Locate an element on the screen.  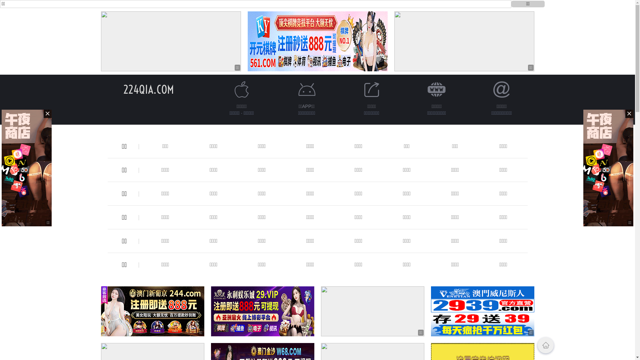
'224QIA.COM' is located at coordinates (148, 89).